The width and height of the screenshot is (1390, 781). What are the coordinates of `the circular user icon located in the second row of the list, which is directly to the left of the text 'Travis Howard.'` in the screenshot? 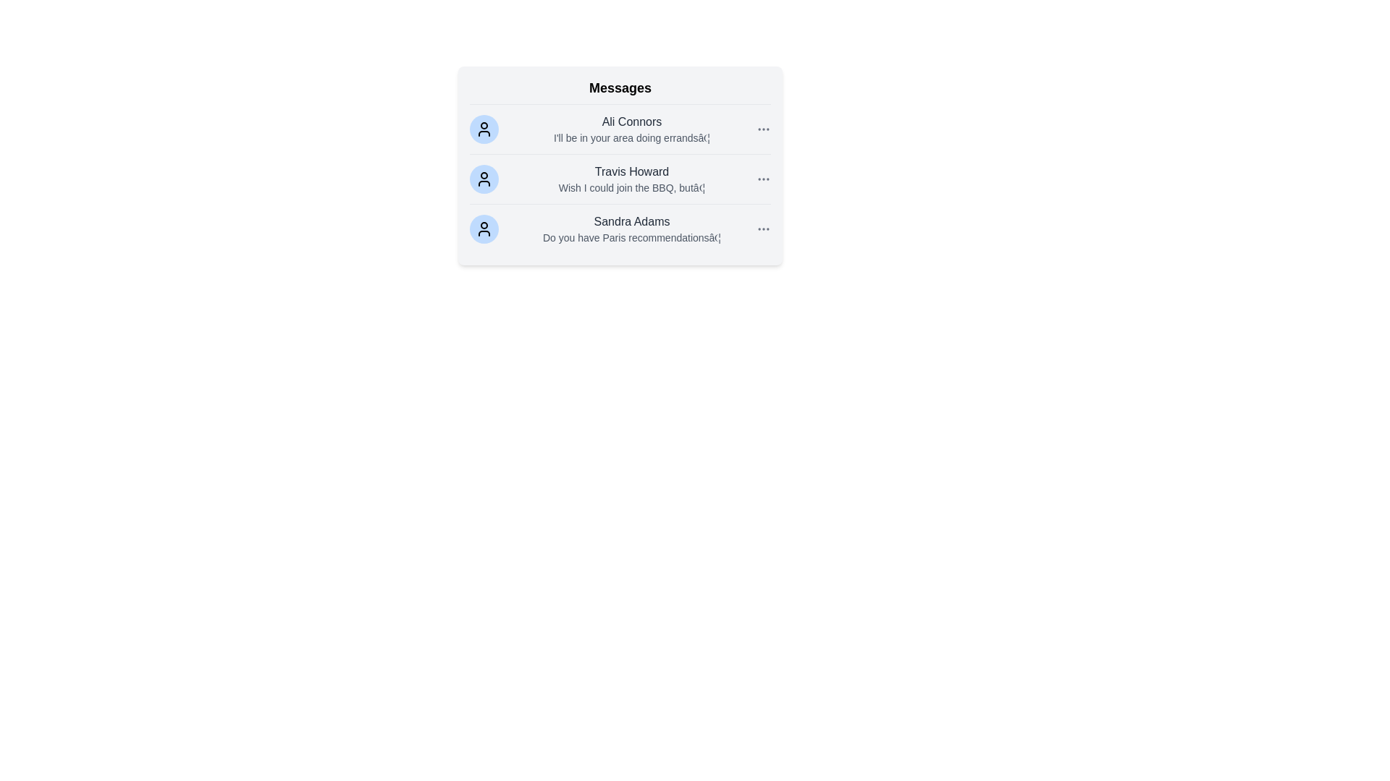 It's located at (484, 178).